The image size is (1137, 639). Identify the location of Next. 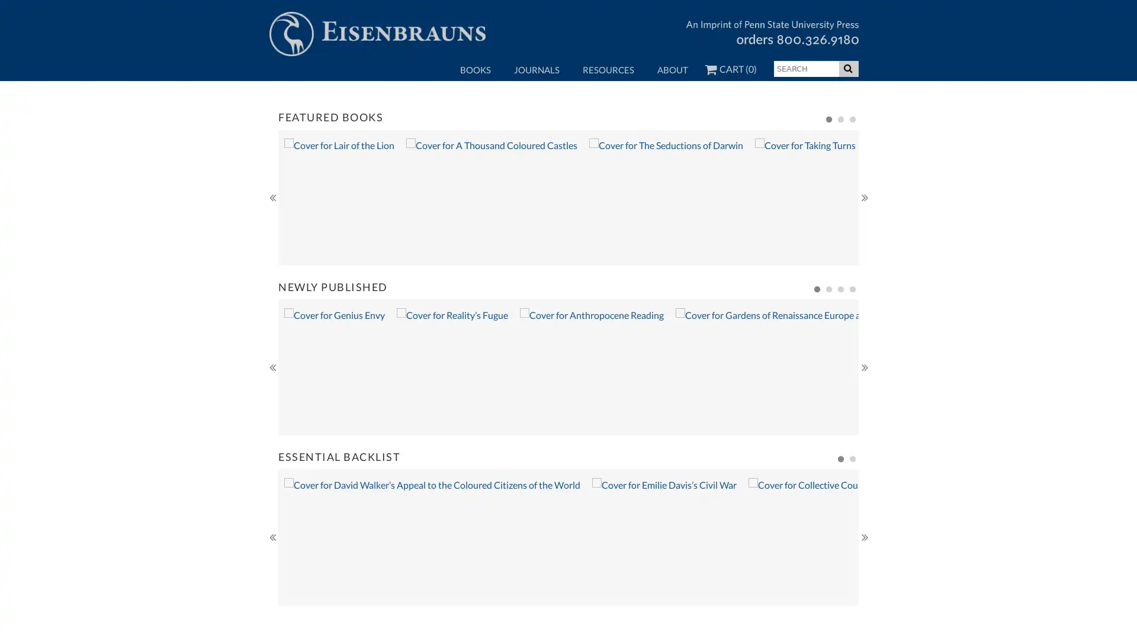
(864, 537).